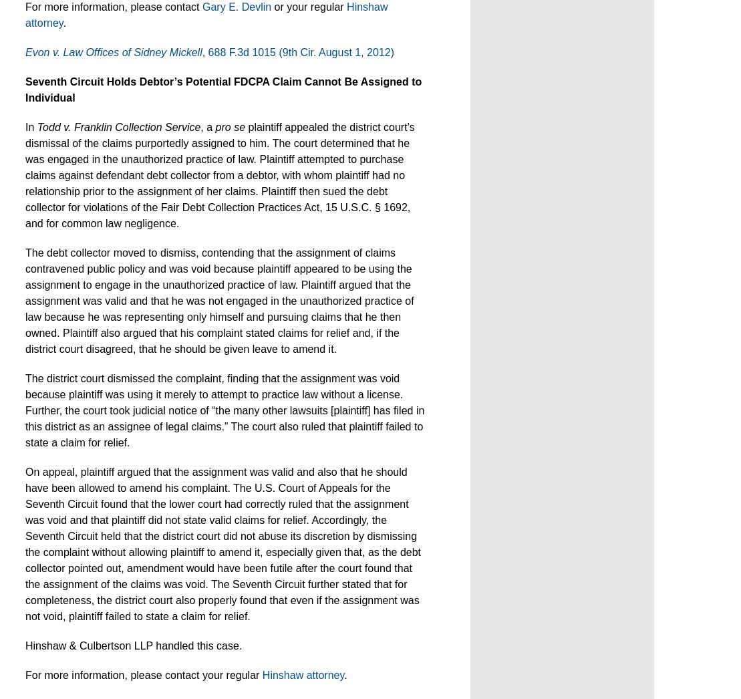 The image size is (741, 699). I want to click on 'In', so click(25, 127).